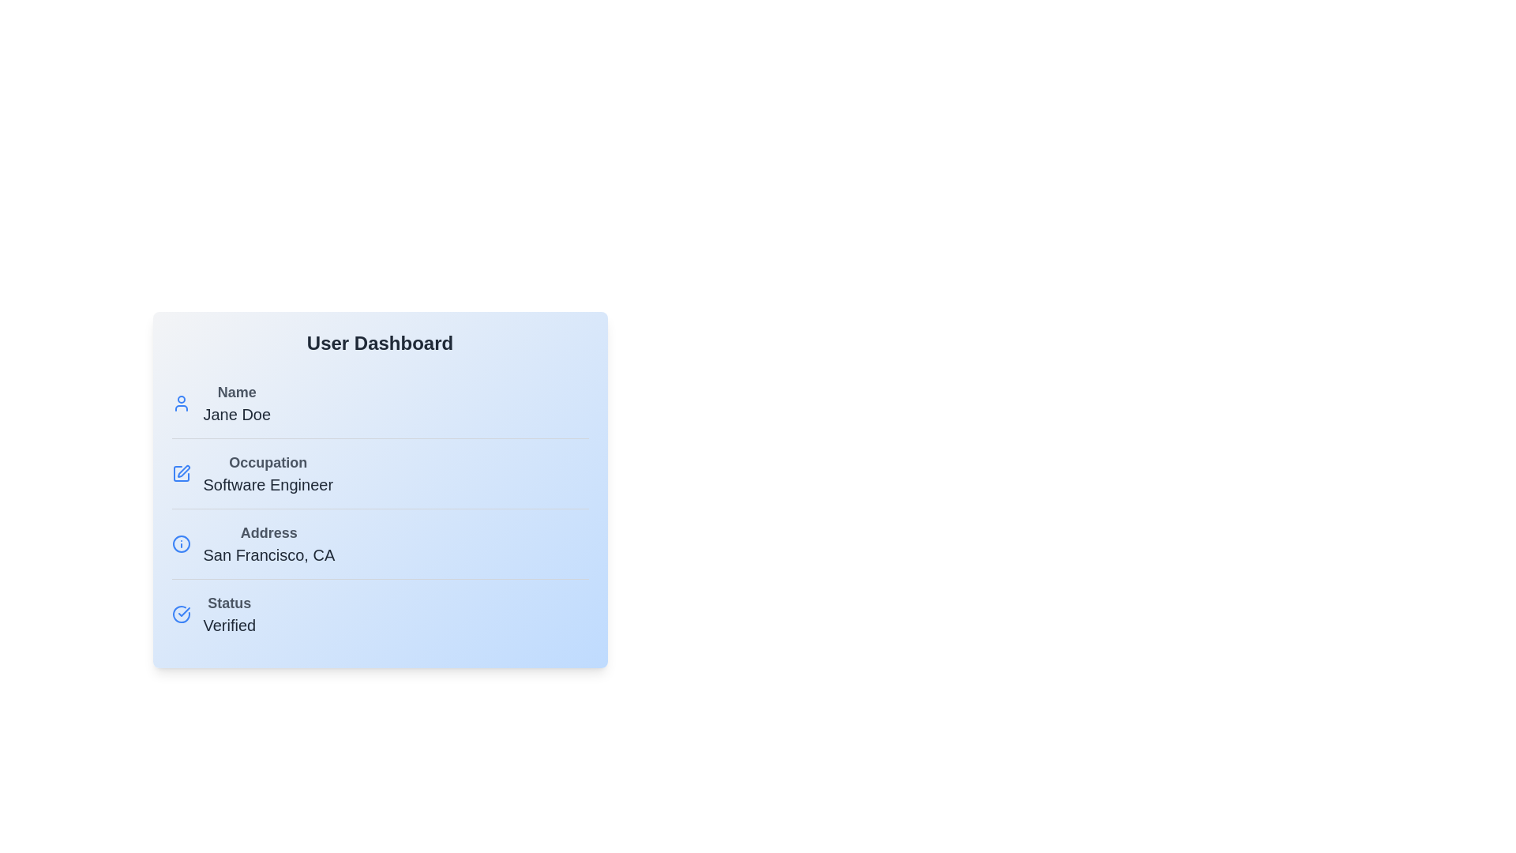 The height and width of the screenshot is (853, 1516). I want to click on the static text element displaying the user's name, located below the 'Name' label on the upper left section of the user dashboard interface, so click(236, 413).